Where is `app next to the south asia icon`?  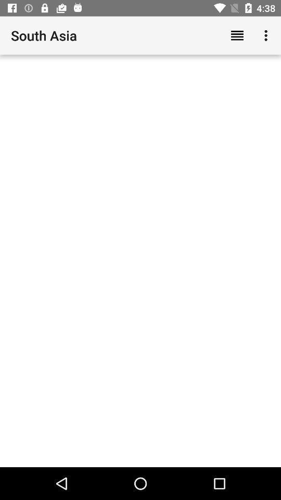
app next to the south asia icon is located at coordinates (237, 35).